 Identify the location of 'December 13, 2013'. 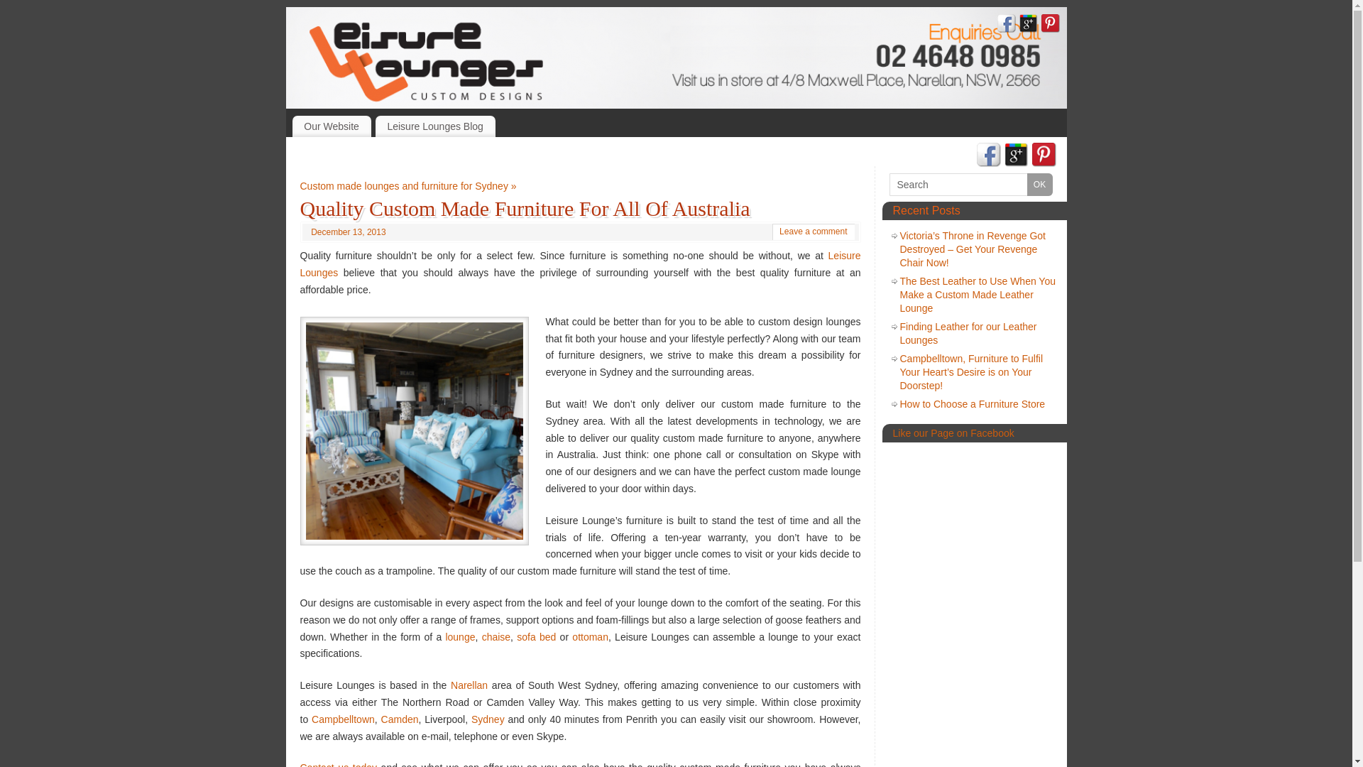
(348, 232).